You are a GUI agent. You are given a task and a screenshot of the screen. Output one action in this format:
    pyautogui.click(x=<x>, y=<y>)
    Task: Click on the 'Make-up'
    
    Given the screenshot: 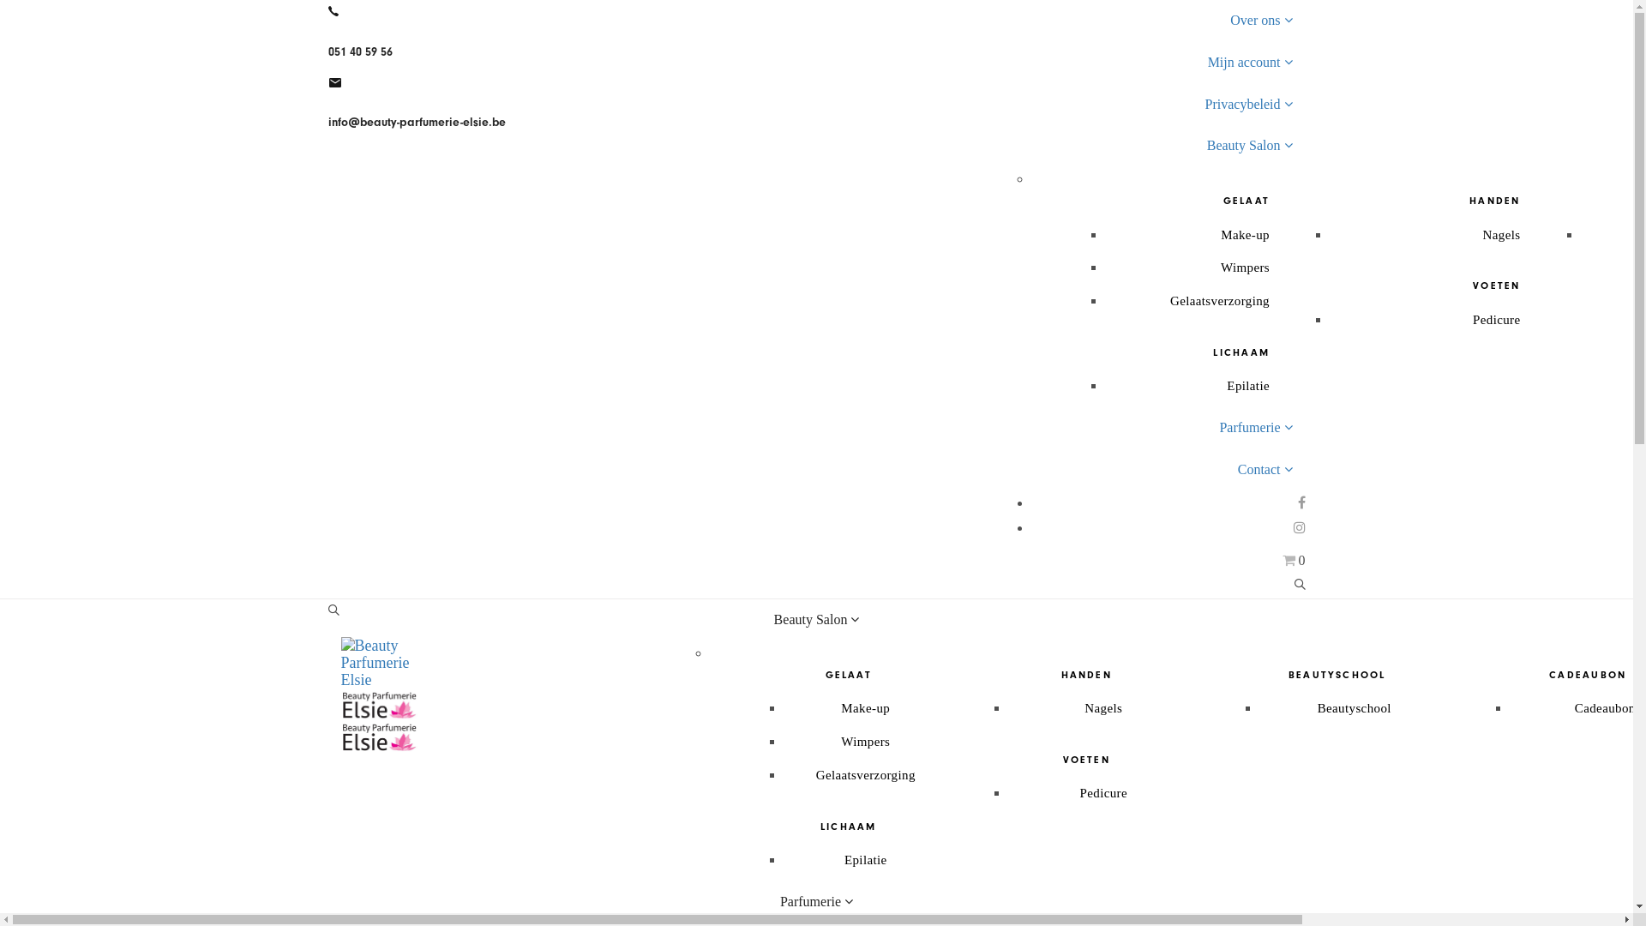 What is the action you would take?
    pyautogui.click(x=865, y=707)
    